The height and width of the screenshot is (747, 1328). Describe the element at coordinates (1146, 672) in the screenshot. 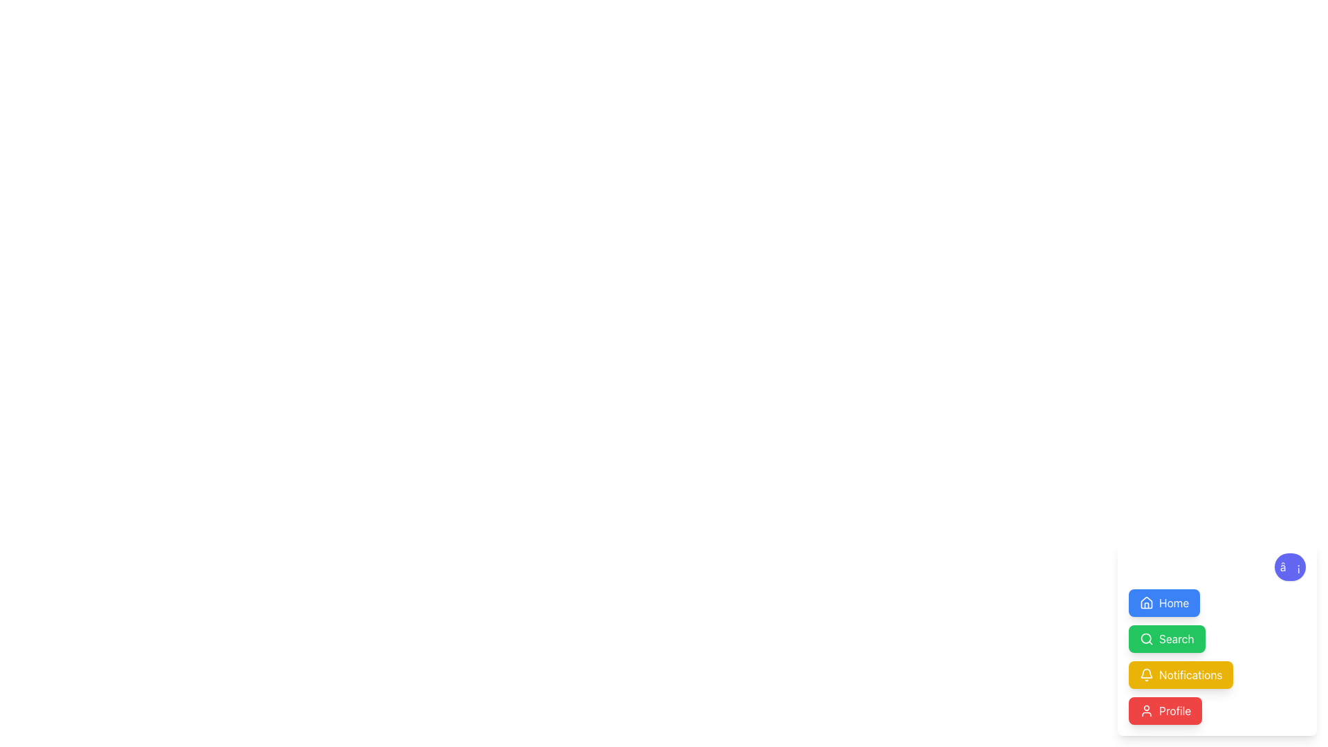

I see `the upper portion of the bell icon located in the bottom-right section of the interface, near the Notifications button in a vertical menu of options` at that location.